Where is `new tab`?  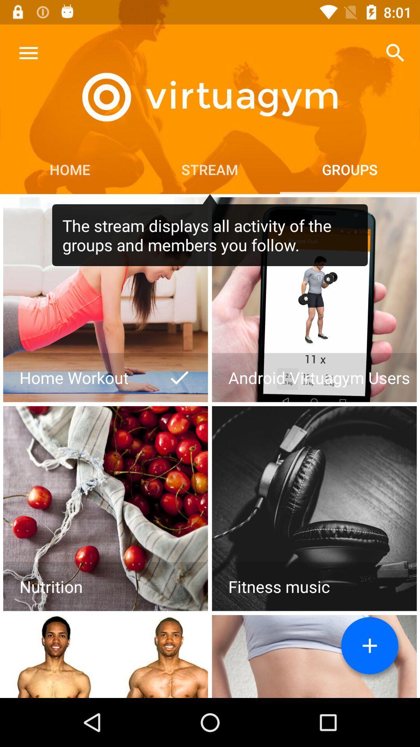
new tab is located at coordinates (369, 645).